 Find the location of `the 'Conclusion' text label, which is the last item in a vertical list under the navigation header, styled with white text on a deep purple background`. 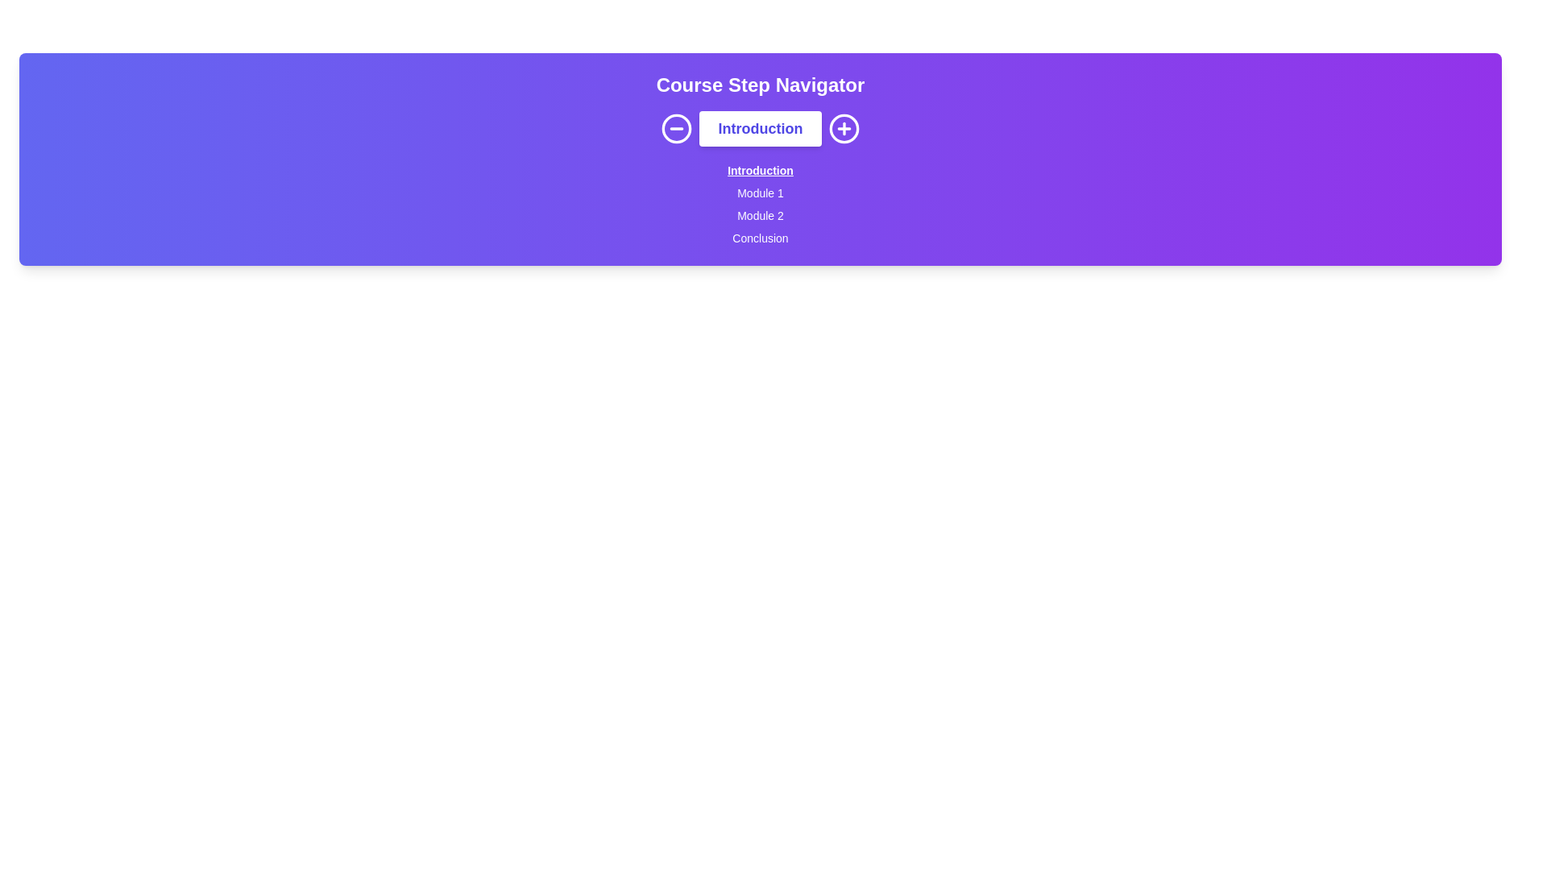

the 'Conclusion' text label, which is the last item in a vertical list under the navigation header, styled with white text on a deep purple background is located at coordinates (760, 235).